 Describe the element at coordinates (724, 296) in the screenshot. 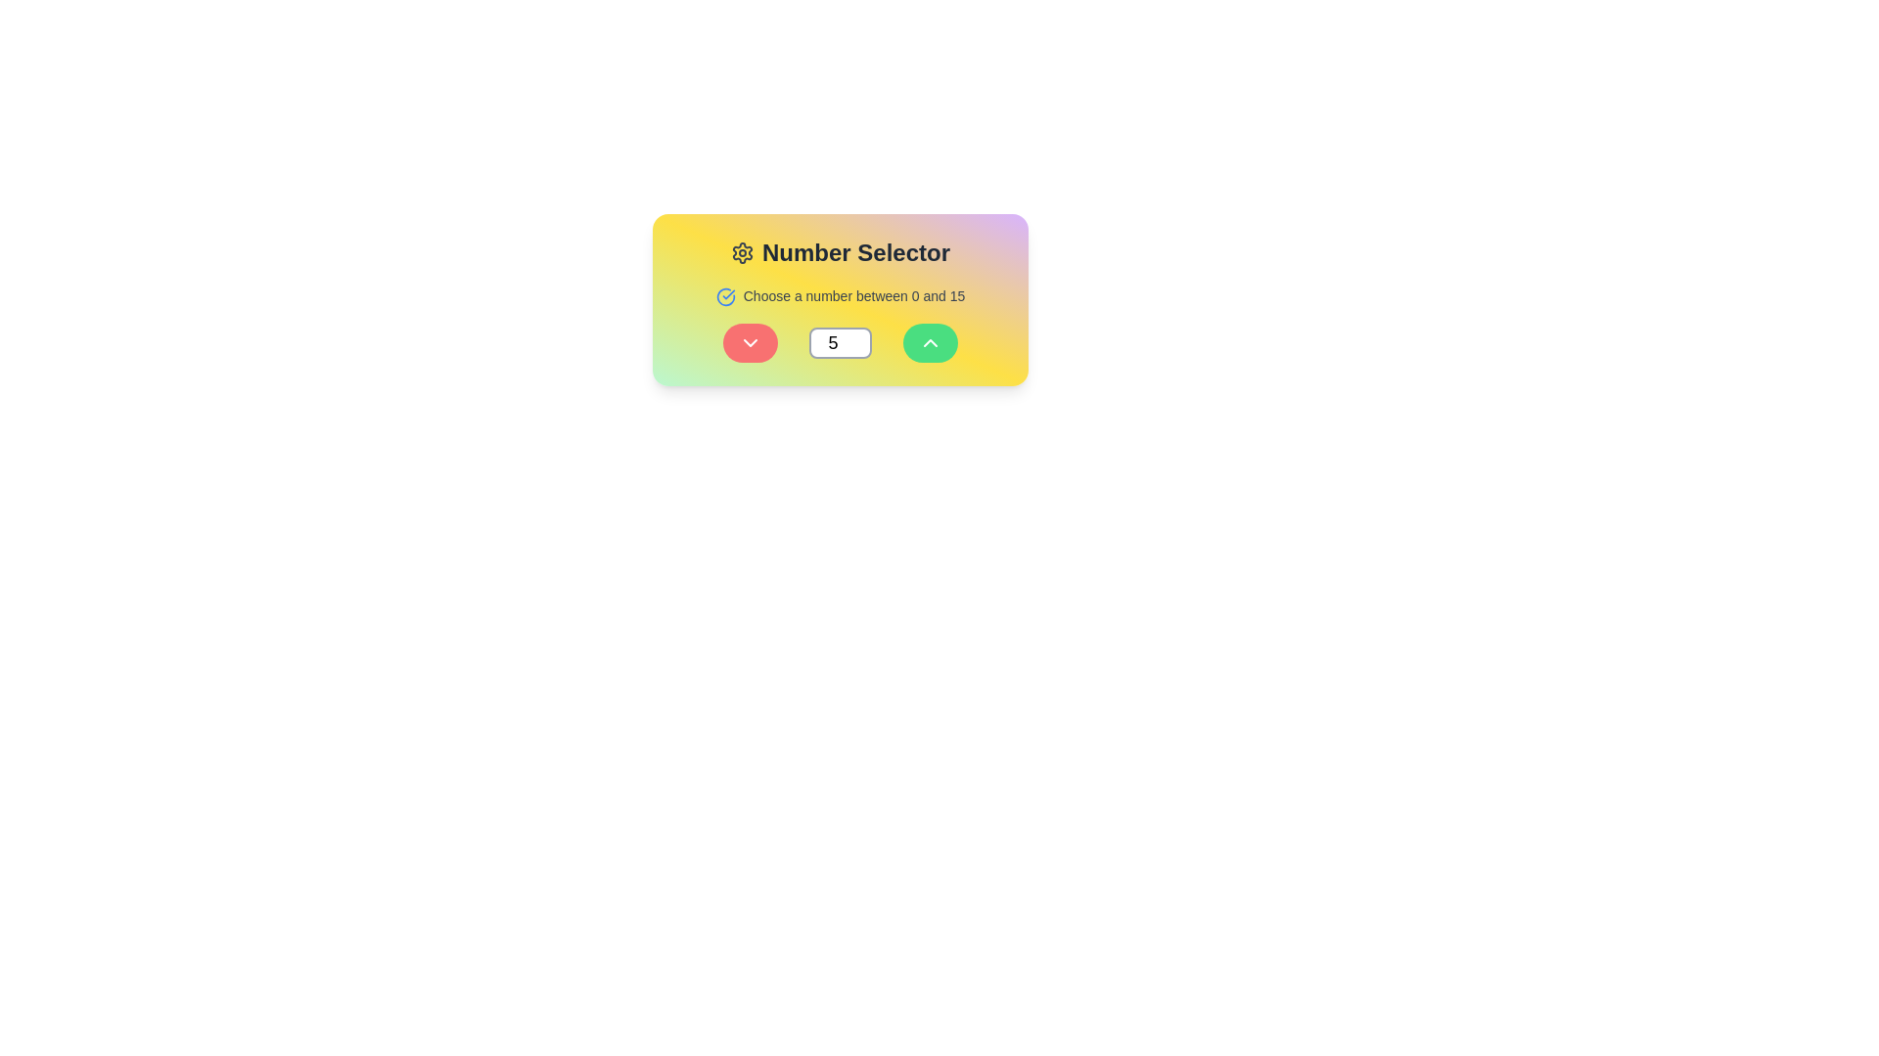

I see `the circular icon with a blue outline and a checkmark inside, located to the left of the instructional text 'Choose a number between 0 and 15'` at that location.